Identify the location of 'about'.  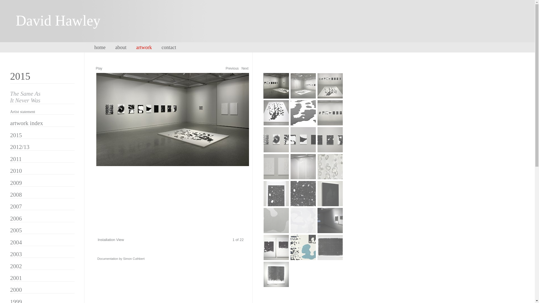
(115, 47).